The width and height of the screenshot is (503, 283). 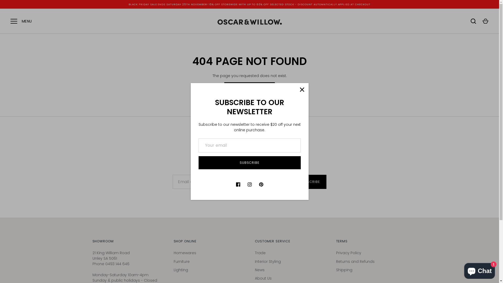 What do you see at coordinates (181, 270) in the screenshot?
I see `'Lighting'` at bounding box center [181, 270].